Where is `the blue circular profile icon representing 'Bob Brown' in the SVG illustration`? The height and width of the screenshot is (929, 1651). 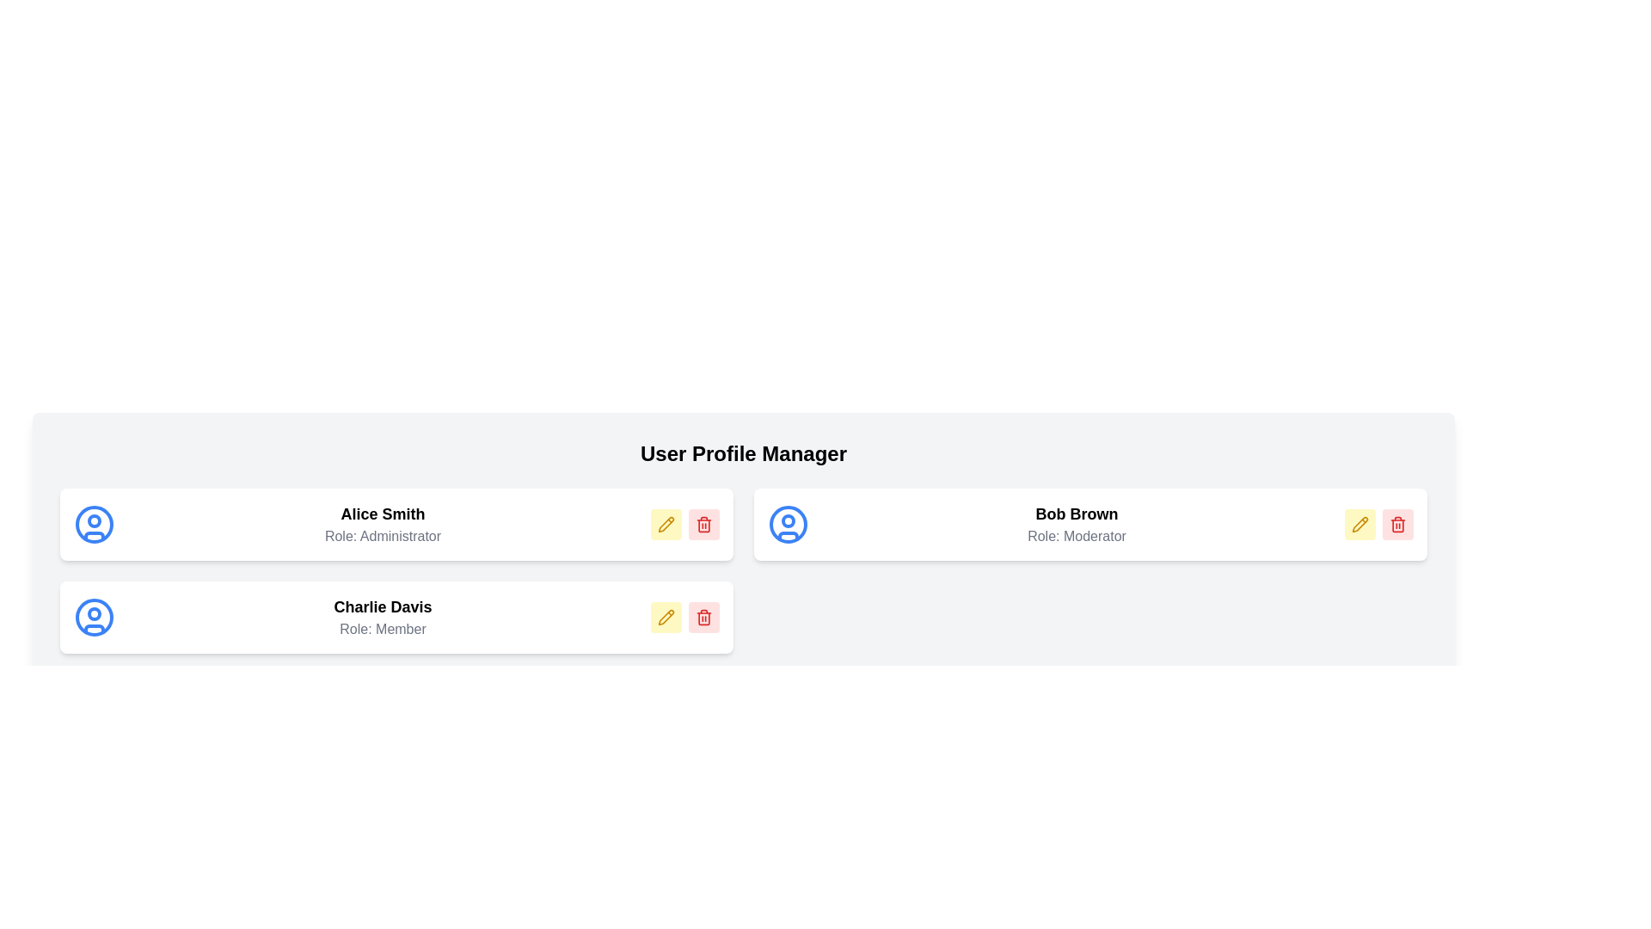
the blue circular profile icon representing 'Bob Brown' in the SVG illustration is located at coordinates (787, 523).